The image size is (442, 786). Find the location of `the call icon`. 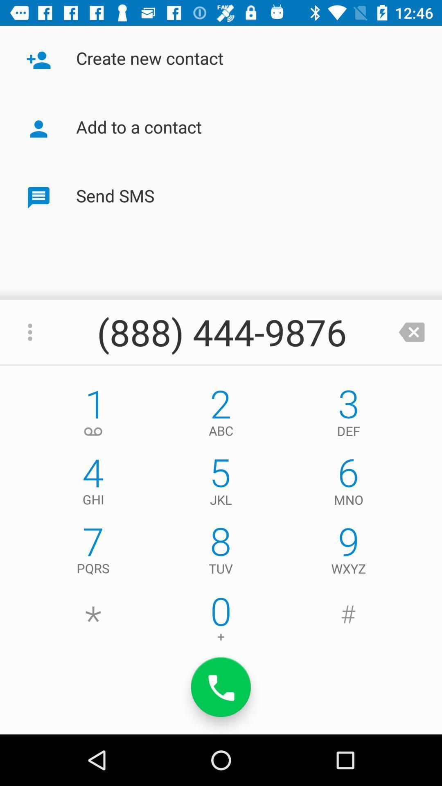

the call icon is located at coordinates (221, 687).